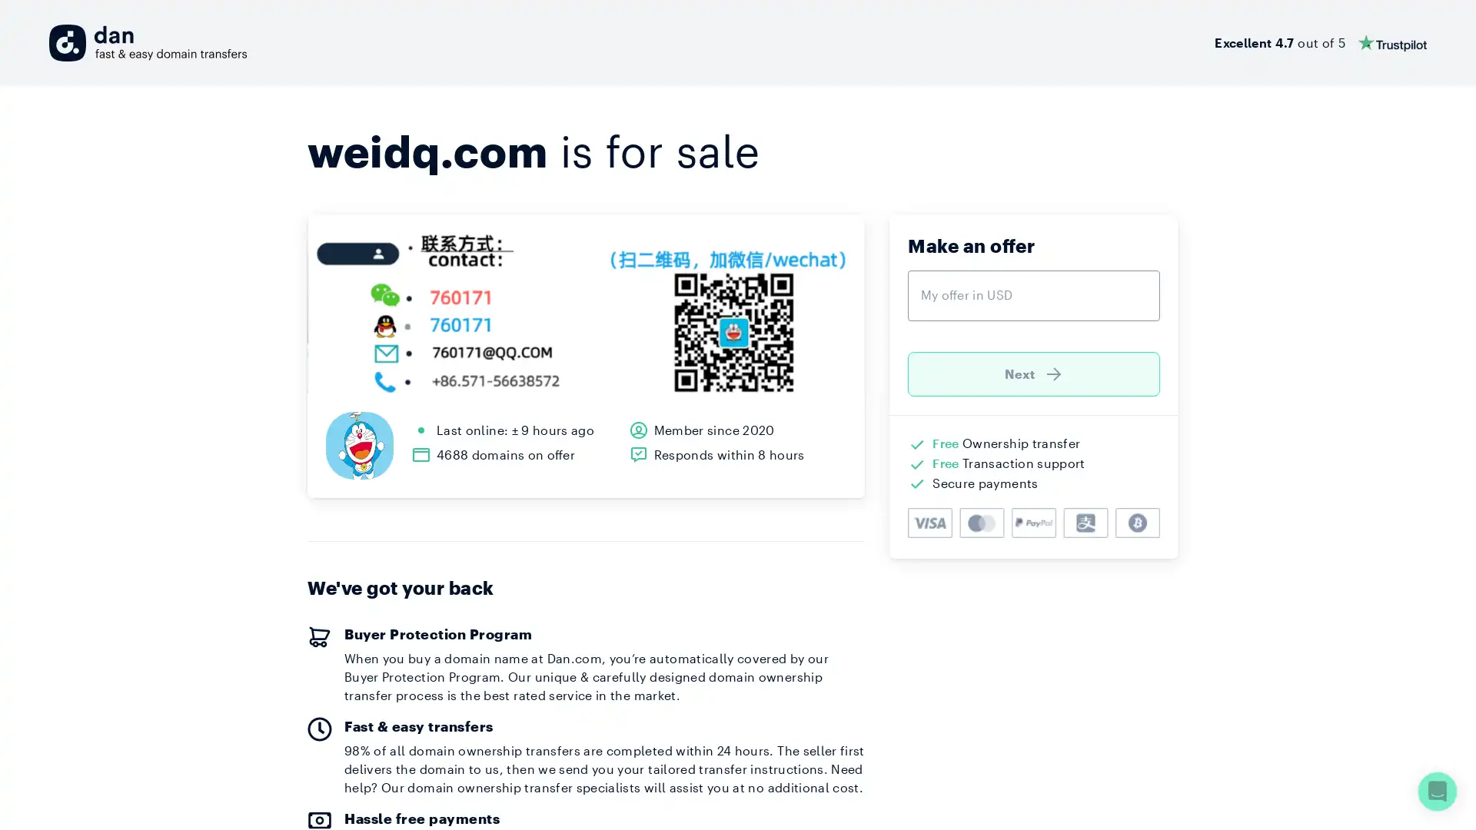 Image resolution: width=1476 pixels, height=830 pixels. I want to click on Open Intercom Messenger, so click(1437, 791).